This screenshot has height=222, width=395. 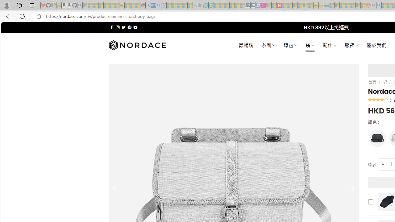 I want to click on 'Follow on YouTube', so click(x=135, y=27).